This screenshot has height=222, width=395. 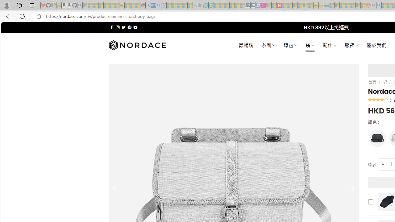 I want to click on 'Follow on YouTube', so click(x=135, y=27).